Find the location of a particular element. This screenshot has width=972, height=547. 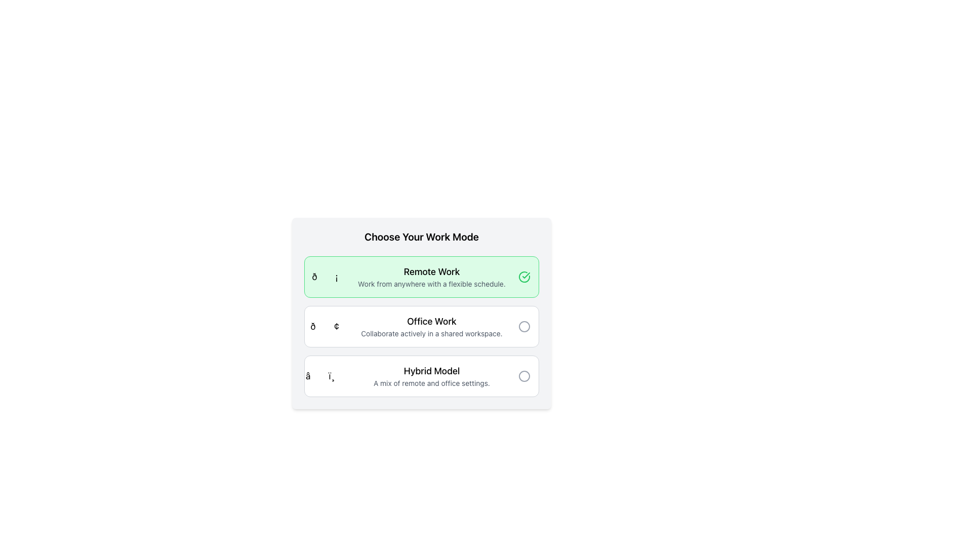

the radio button indicator for 'Office Work' is located at coordinates (524, 326).